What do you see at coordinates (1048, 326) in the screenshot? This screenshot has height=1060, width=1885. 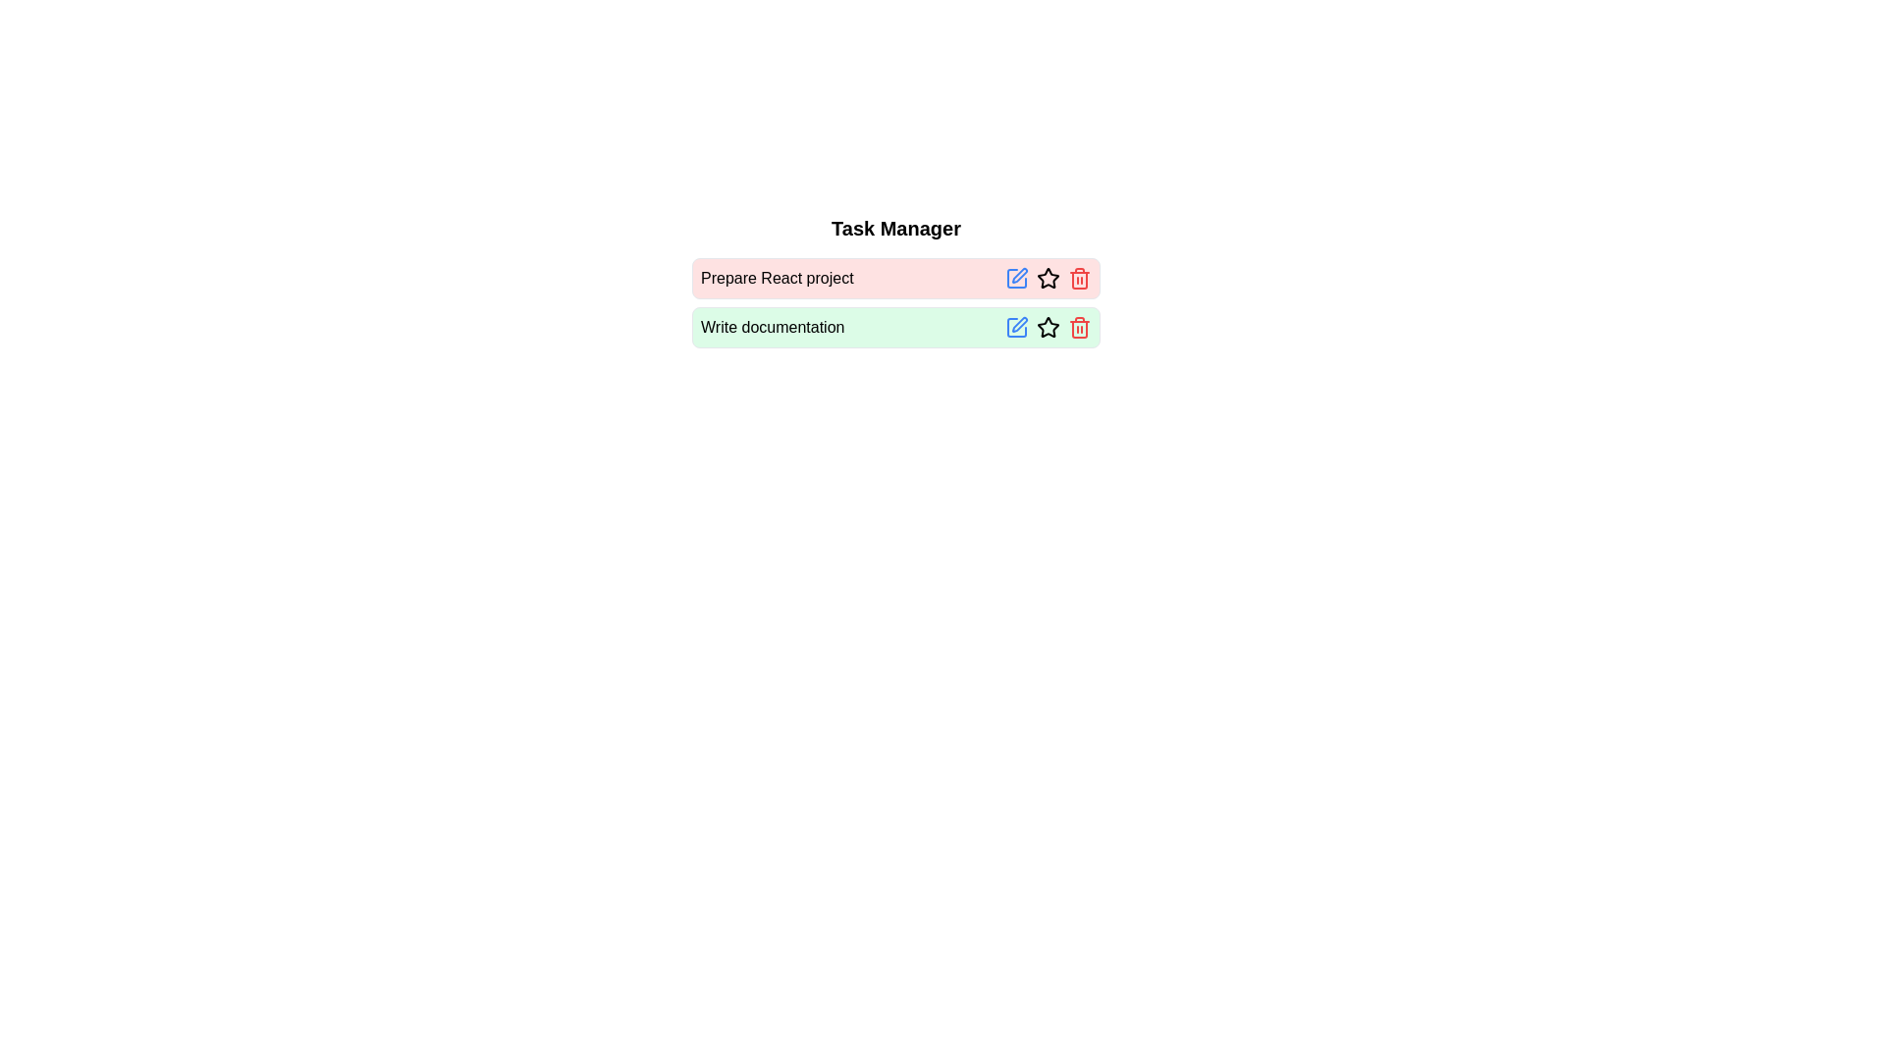 I see `the star icon with a hollow center, outlined in black, located to the right of the task titled 'Write documentation'` at bounding box center [1048, 326].